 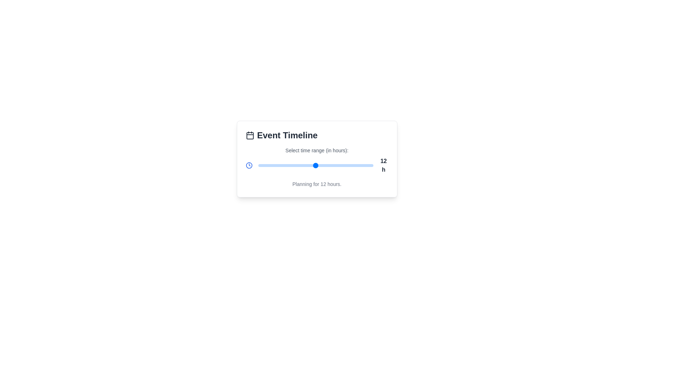 What do you see at coordinates (383, 166) in the screenshot?
I see `the bold, dark gray text label reading '12 h', which is positioned to the far-right of the horizontal range input bar in the 'Select time range' feature` at bounding box center [383, 166].